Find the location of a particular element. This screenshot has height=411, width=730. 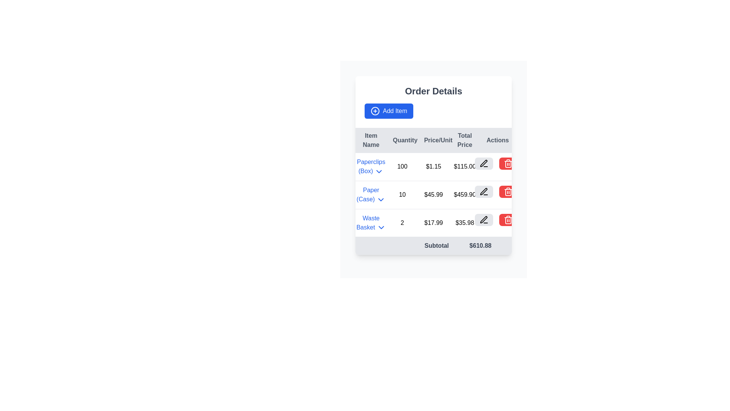

text content of the Text Display with Summary Information showing 'Subtotal' and the value '$610.88', which is located at the bottom of the table layout is located at coordinates (433, 246).